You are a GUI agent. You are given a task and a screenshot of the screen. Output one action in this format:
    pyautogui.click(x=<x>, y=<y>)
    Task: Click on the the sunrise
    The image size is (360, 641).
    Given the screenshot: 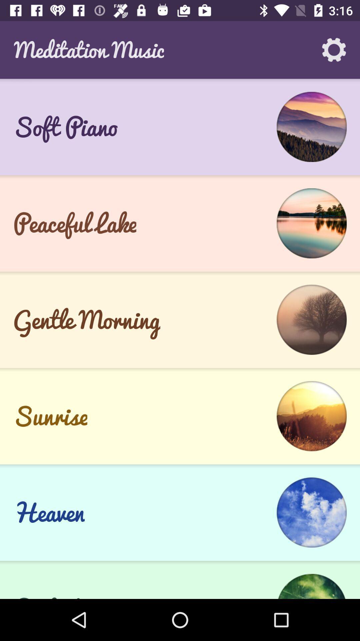 What is the action you would take?
    pyautogui.click(x=50, y=416)
    